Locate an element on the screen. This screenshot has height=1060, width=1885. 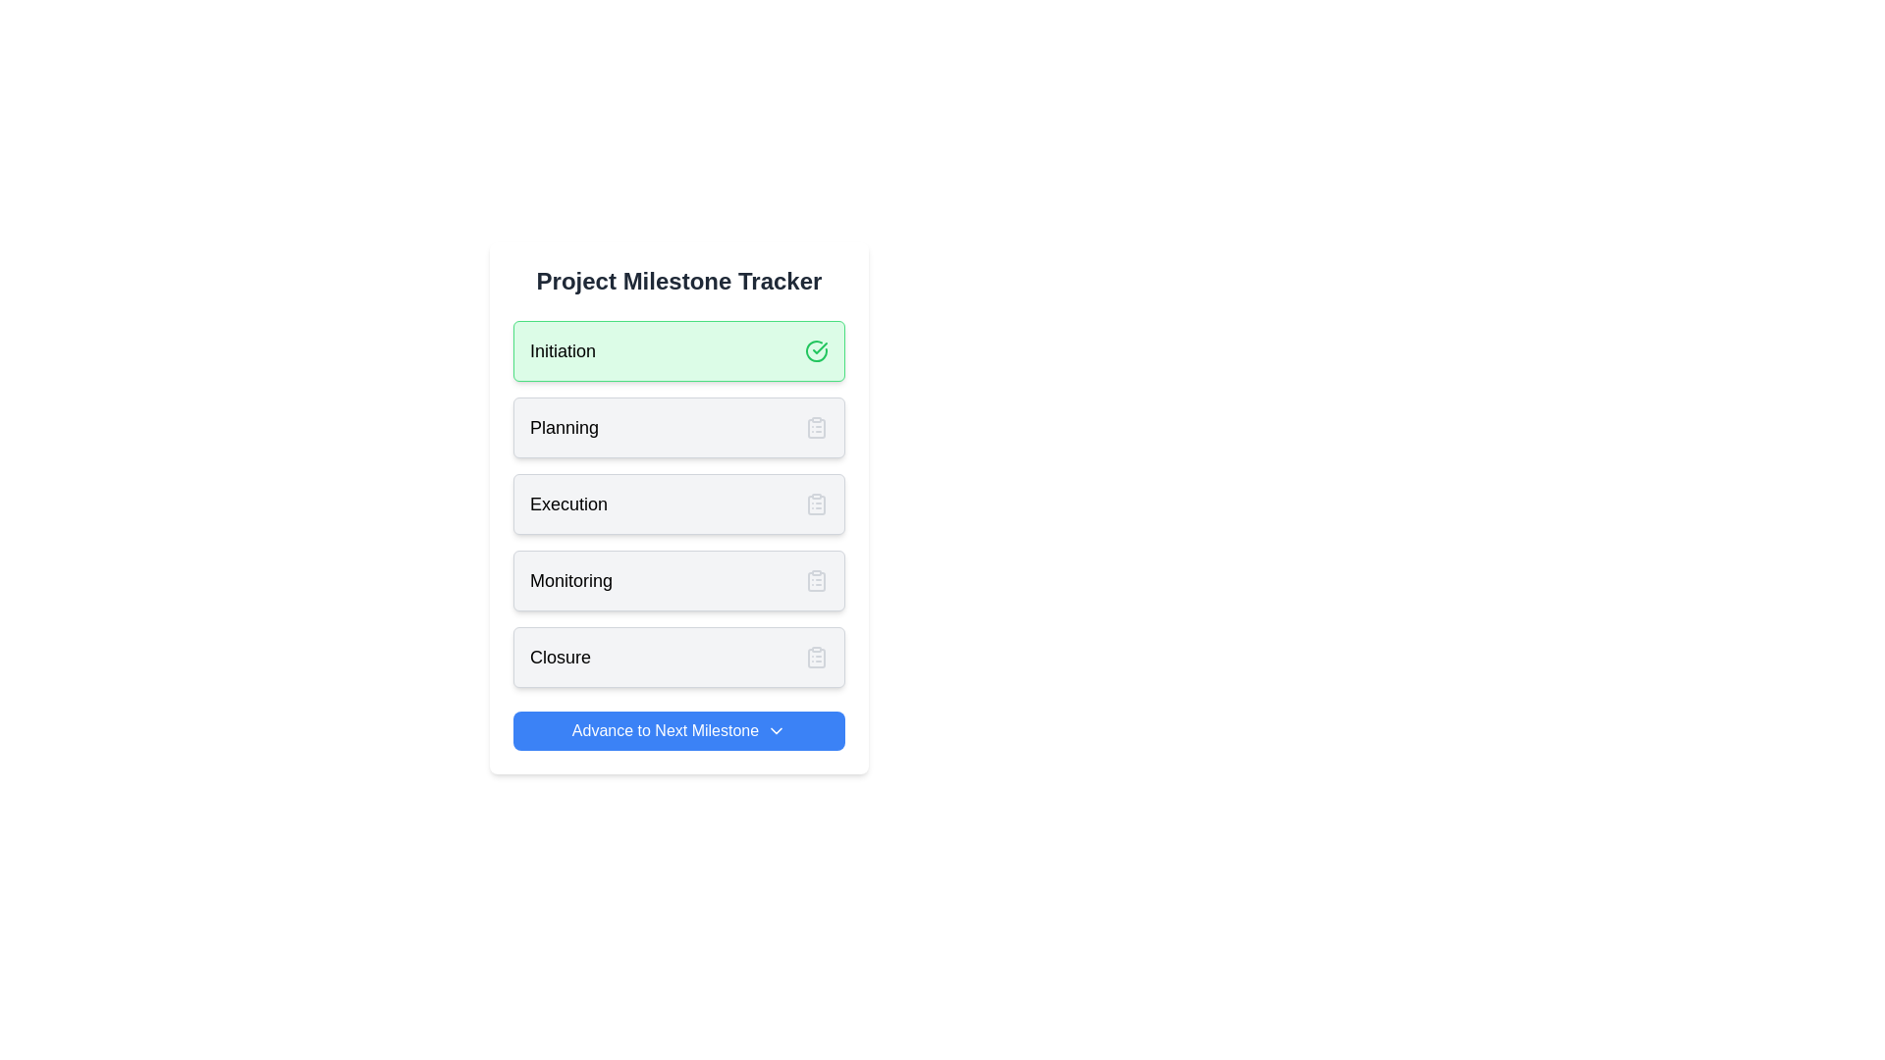
the 'Initiation' milestone label, which is part of the first green rounded rectangle is located at coordinates (562, 350).